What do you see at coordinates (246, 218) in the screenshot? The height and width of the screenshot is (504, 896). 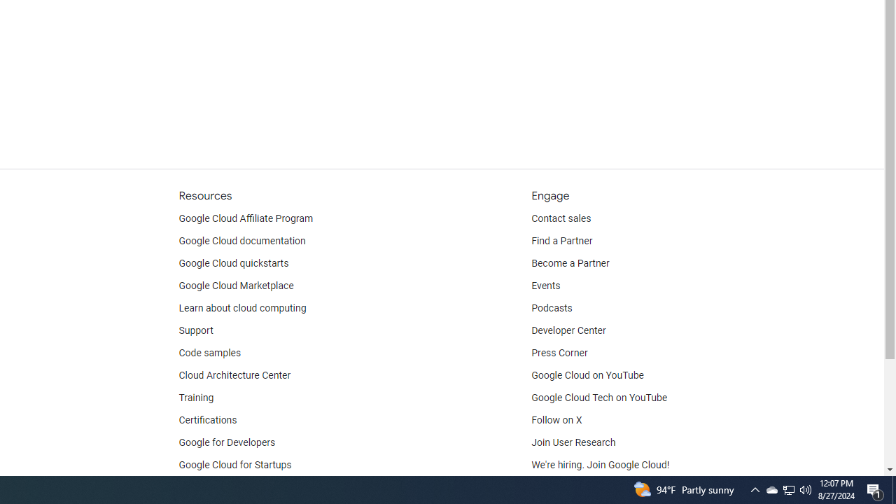 I see `'Google Cloud Affiliate Program'` at bounding box center [246, 218].